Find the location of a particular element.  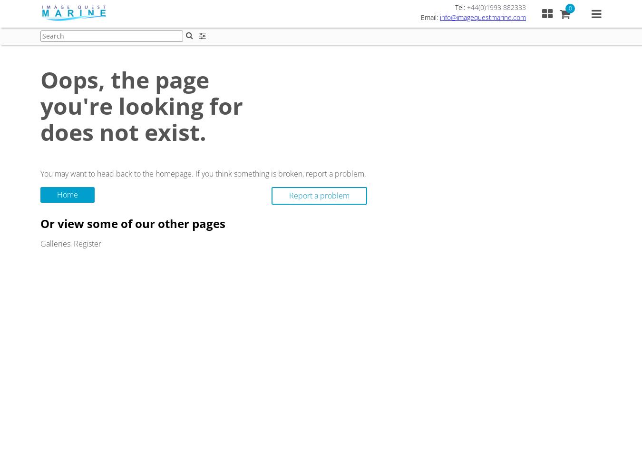

'Oops, the page you're looking for does not exist.' is located at coordinates (141, 105).